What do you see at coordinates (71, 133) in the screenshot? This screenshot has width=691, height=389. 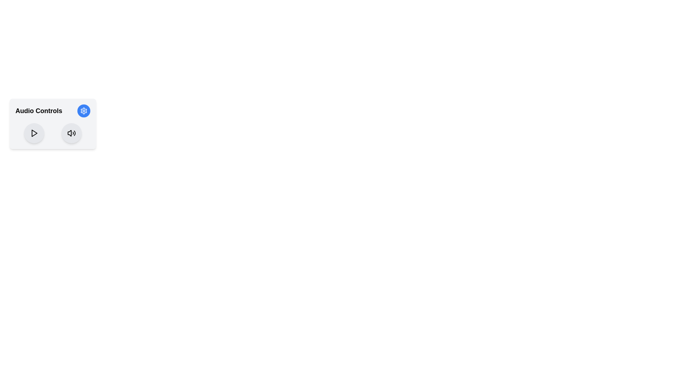 I see `the rightmost circular button in the 'Audio Controls' component, which features an icon indicating sound or volume control, to potentially display additional information` at bounding box center [71, 133].